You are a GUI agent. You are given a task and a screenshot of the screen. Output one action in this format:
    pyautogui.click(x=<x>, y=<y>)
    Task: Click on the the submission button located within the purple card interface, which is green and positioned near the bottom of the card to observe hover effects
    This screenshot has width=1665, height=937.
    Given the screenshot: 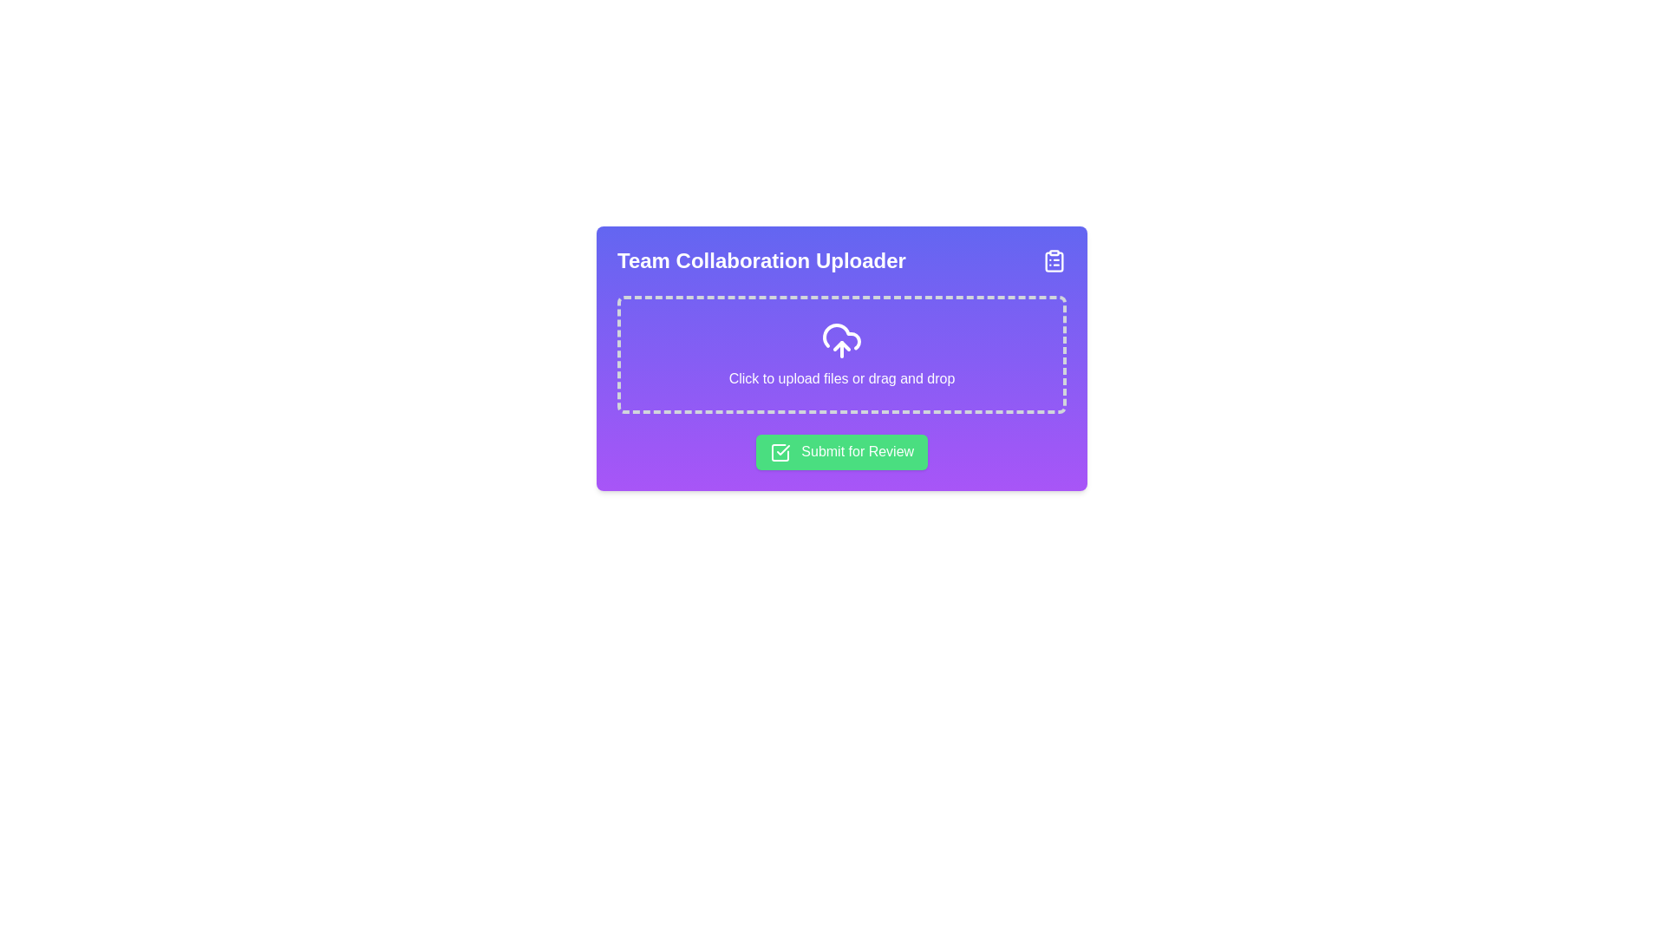 What is the action you would take?
    pyautogui.click(x=841, y=451)
    